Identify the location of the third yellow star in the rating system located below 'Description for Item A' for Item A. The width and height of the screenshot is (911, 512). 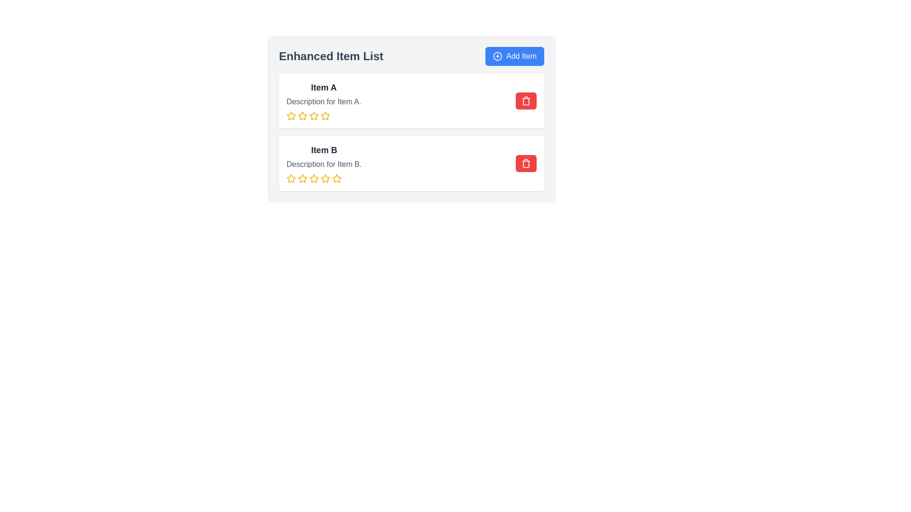
(324, 116).